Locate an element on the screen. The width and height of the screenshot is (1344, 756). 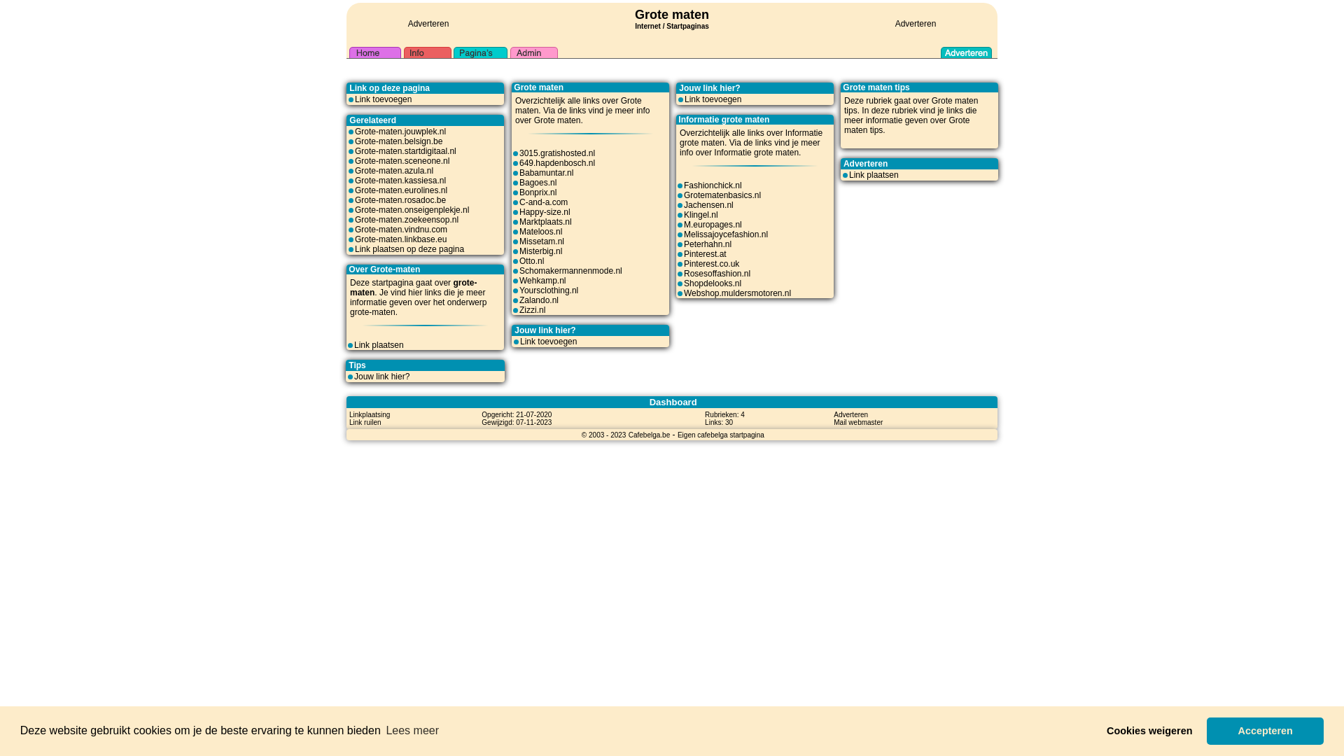
'Link plaatsen' is located at coordinates (873, 174).